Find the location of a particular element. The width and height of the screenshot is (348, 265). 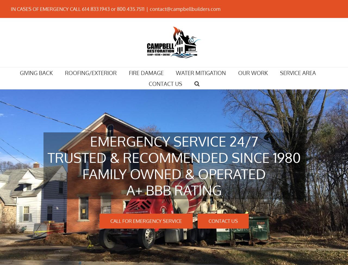

'contact@campbellbuilders.com' is located at coordinates (185, 9).